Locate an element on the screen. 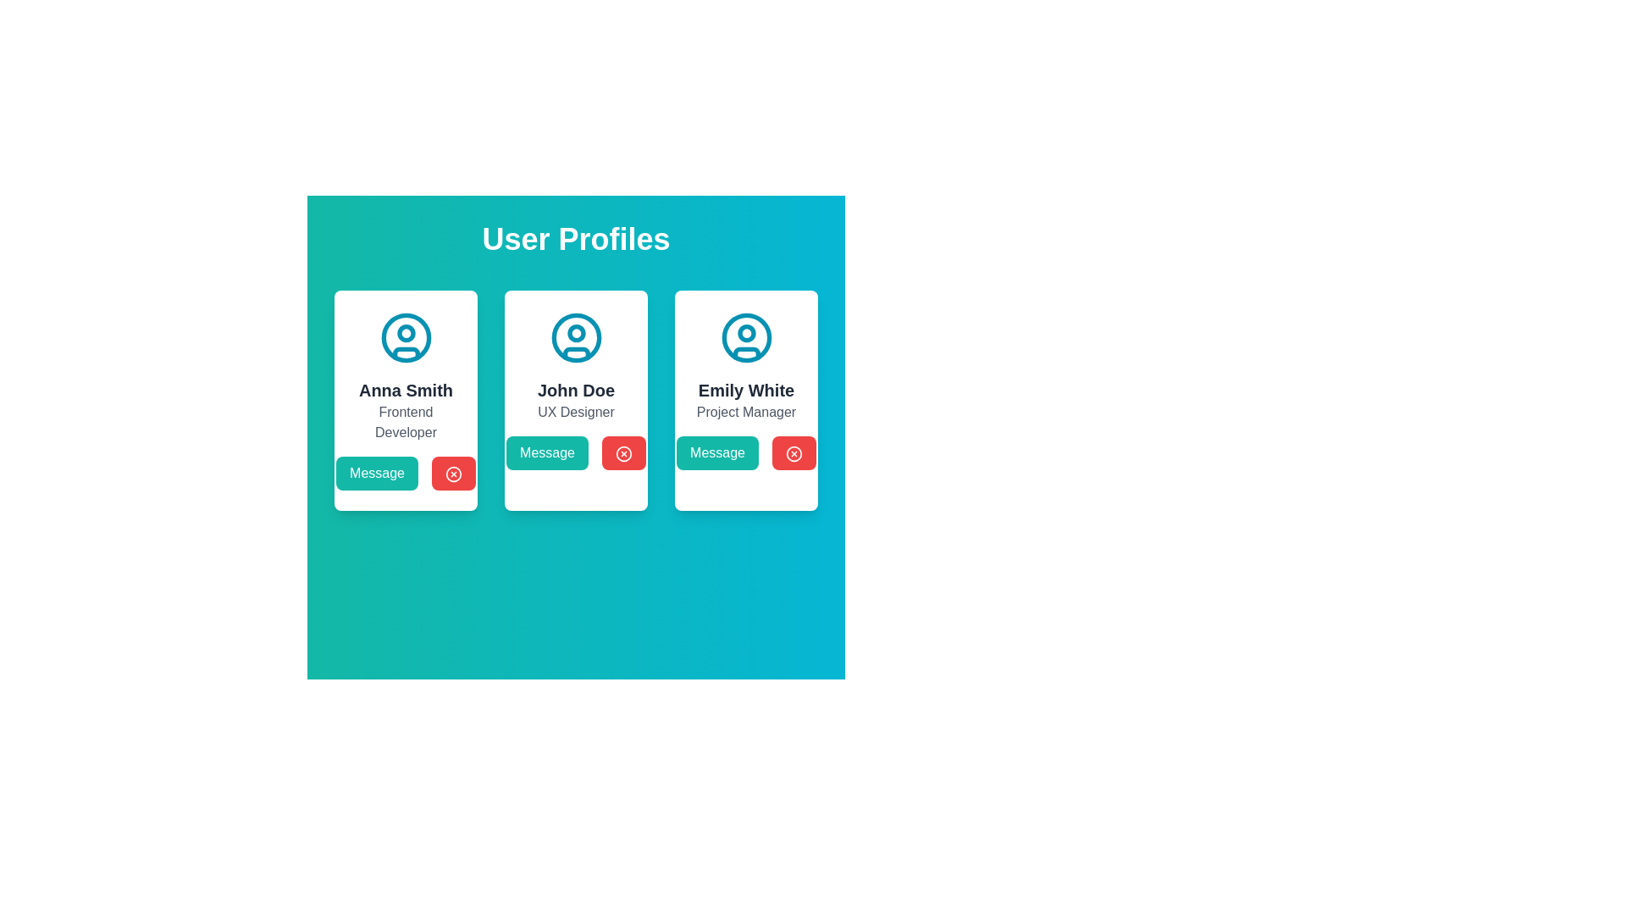 The height and width of the screenshot is (915, 1626). the red 'x' icon button located at the bottom right corner of John Doe's profile card is located at coordinates (454, 474).